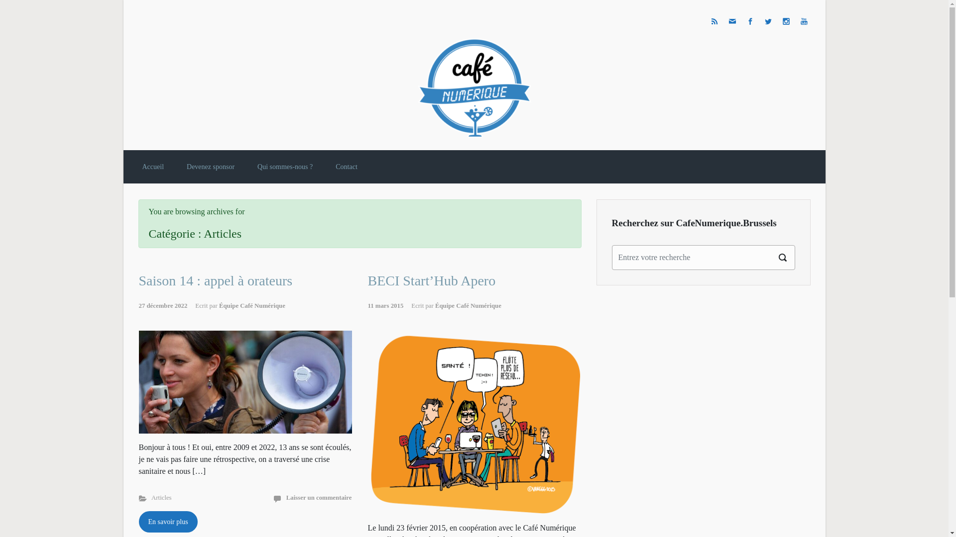 This screenshot has width=956, height=537. What do you see at coordinates (389, 305) in the screenshot?
I see `'11 mars 2015'` at bounding box center [389, 305].